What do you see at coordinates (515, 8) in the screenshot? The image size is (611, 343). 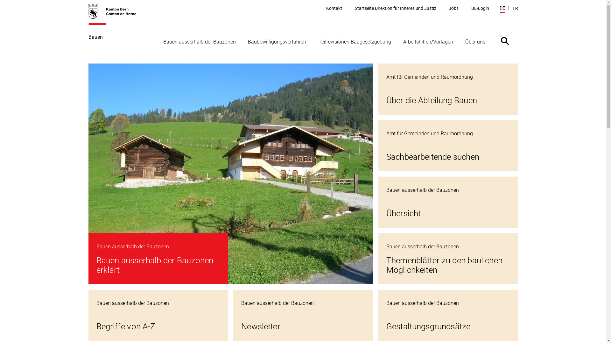 I see `'FR'` at bounding box center [515, 8].